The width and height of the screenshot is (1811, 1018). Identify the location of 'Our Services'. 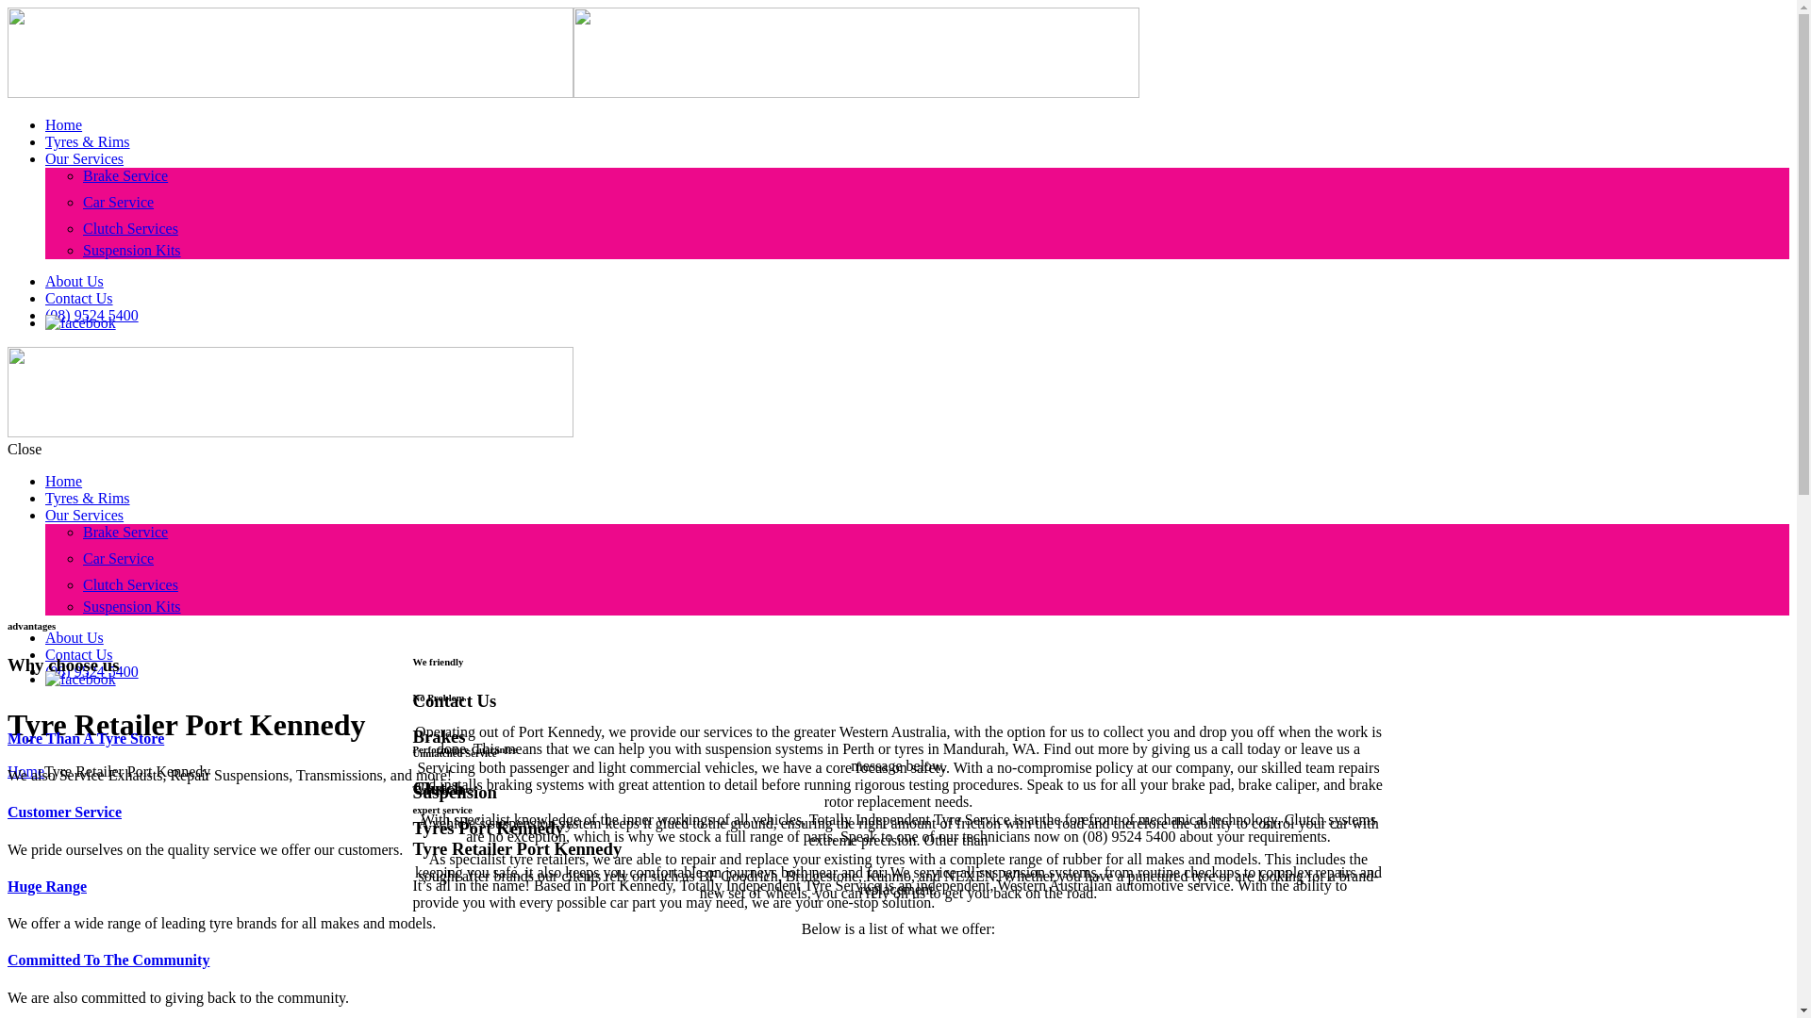
(83, 157).